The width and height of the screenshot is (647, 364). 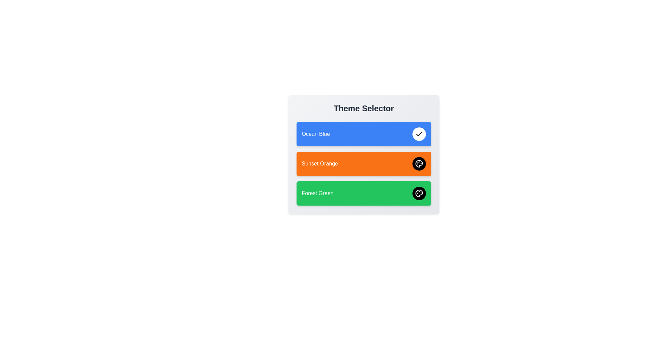 What do you see at coordinates (363, 108) in the screenshot?
I see `the 'Theme Selector' header to interact with it` at bounding box center [363, 108].